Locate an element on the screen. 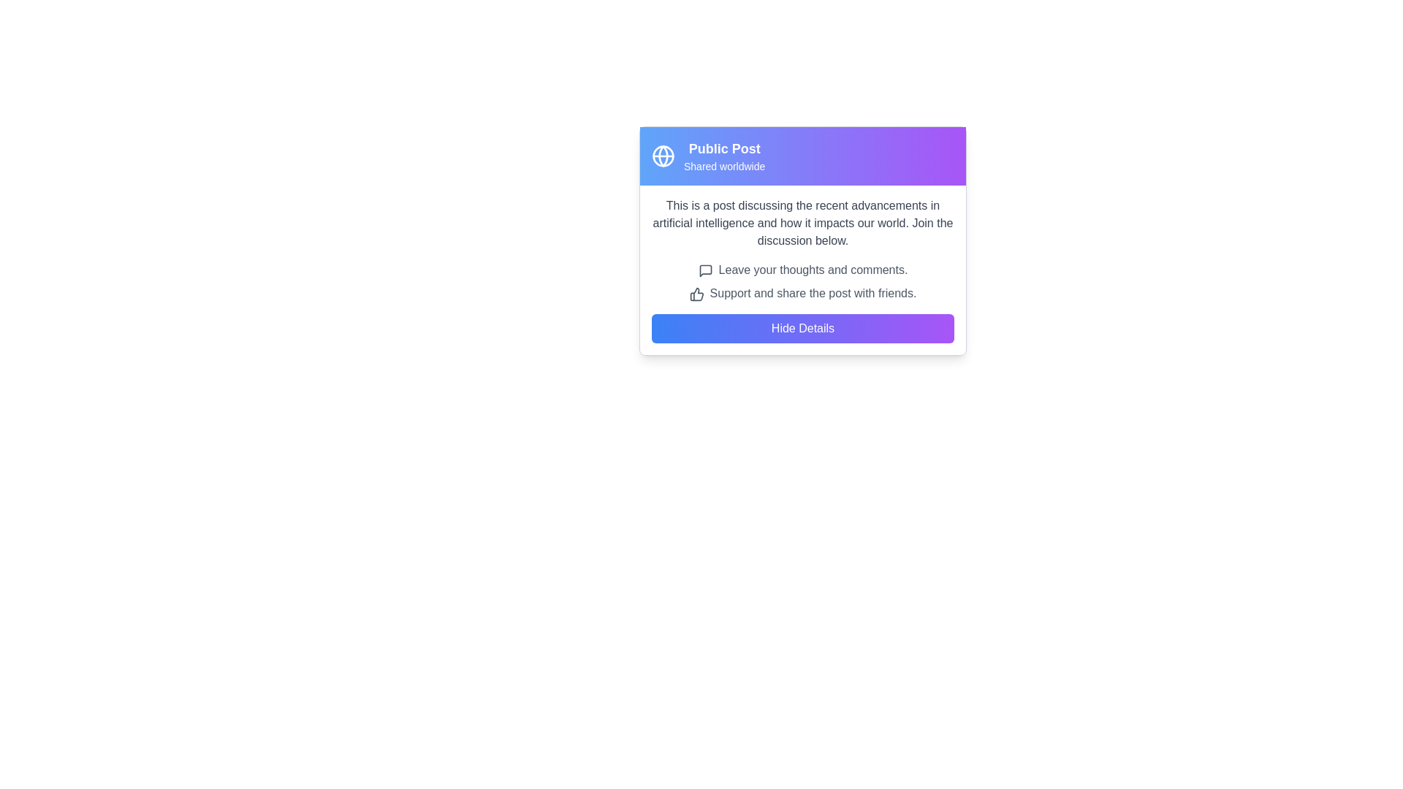 The height and width of the screenshot is (789, 1403). the static text label indicating that the post is publicly shared, which is positioned at the top-left of the card layout, above the text 'Shared worldwide' and beside a globe icon is located at coordinates (724, 149).